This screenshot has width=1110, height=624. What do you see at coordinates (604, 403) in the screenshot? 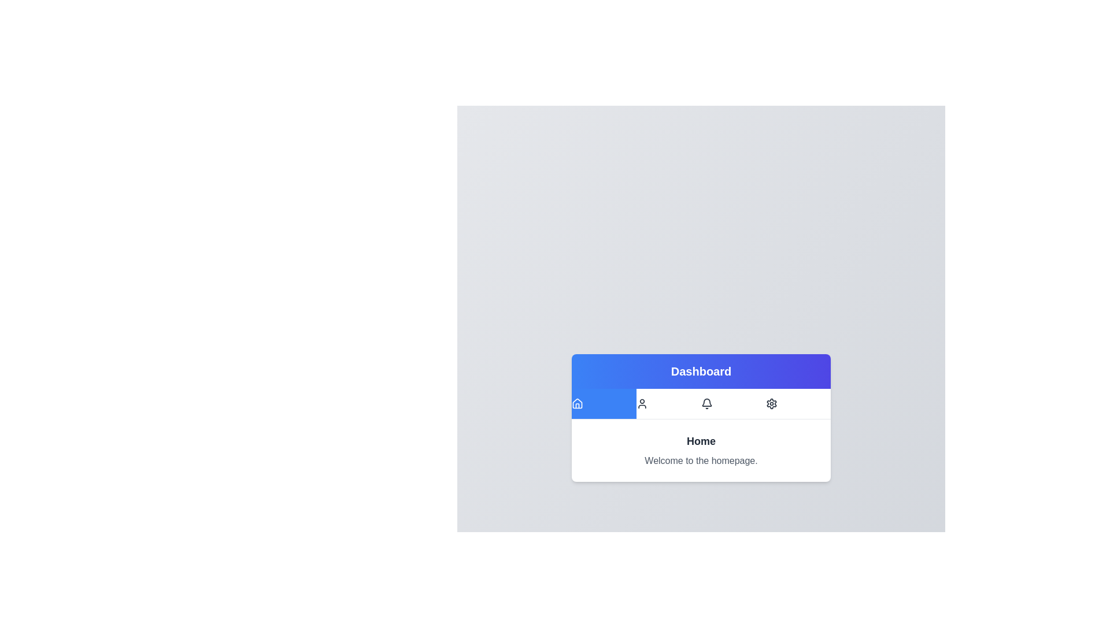
I see `the Home tab to navigate to the corresponding section` at bounding box center [604, 403].